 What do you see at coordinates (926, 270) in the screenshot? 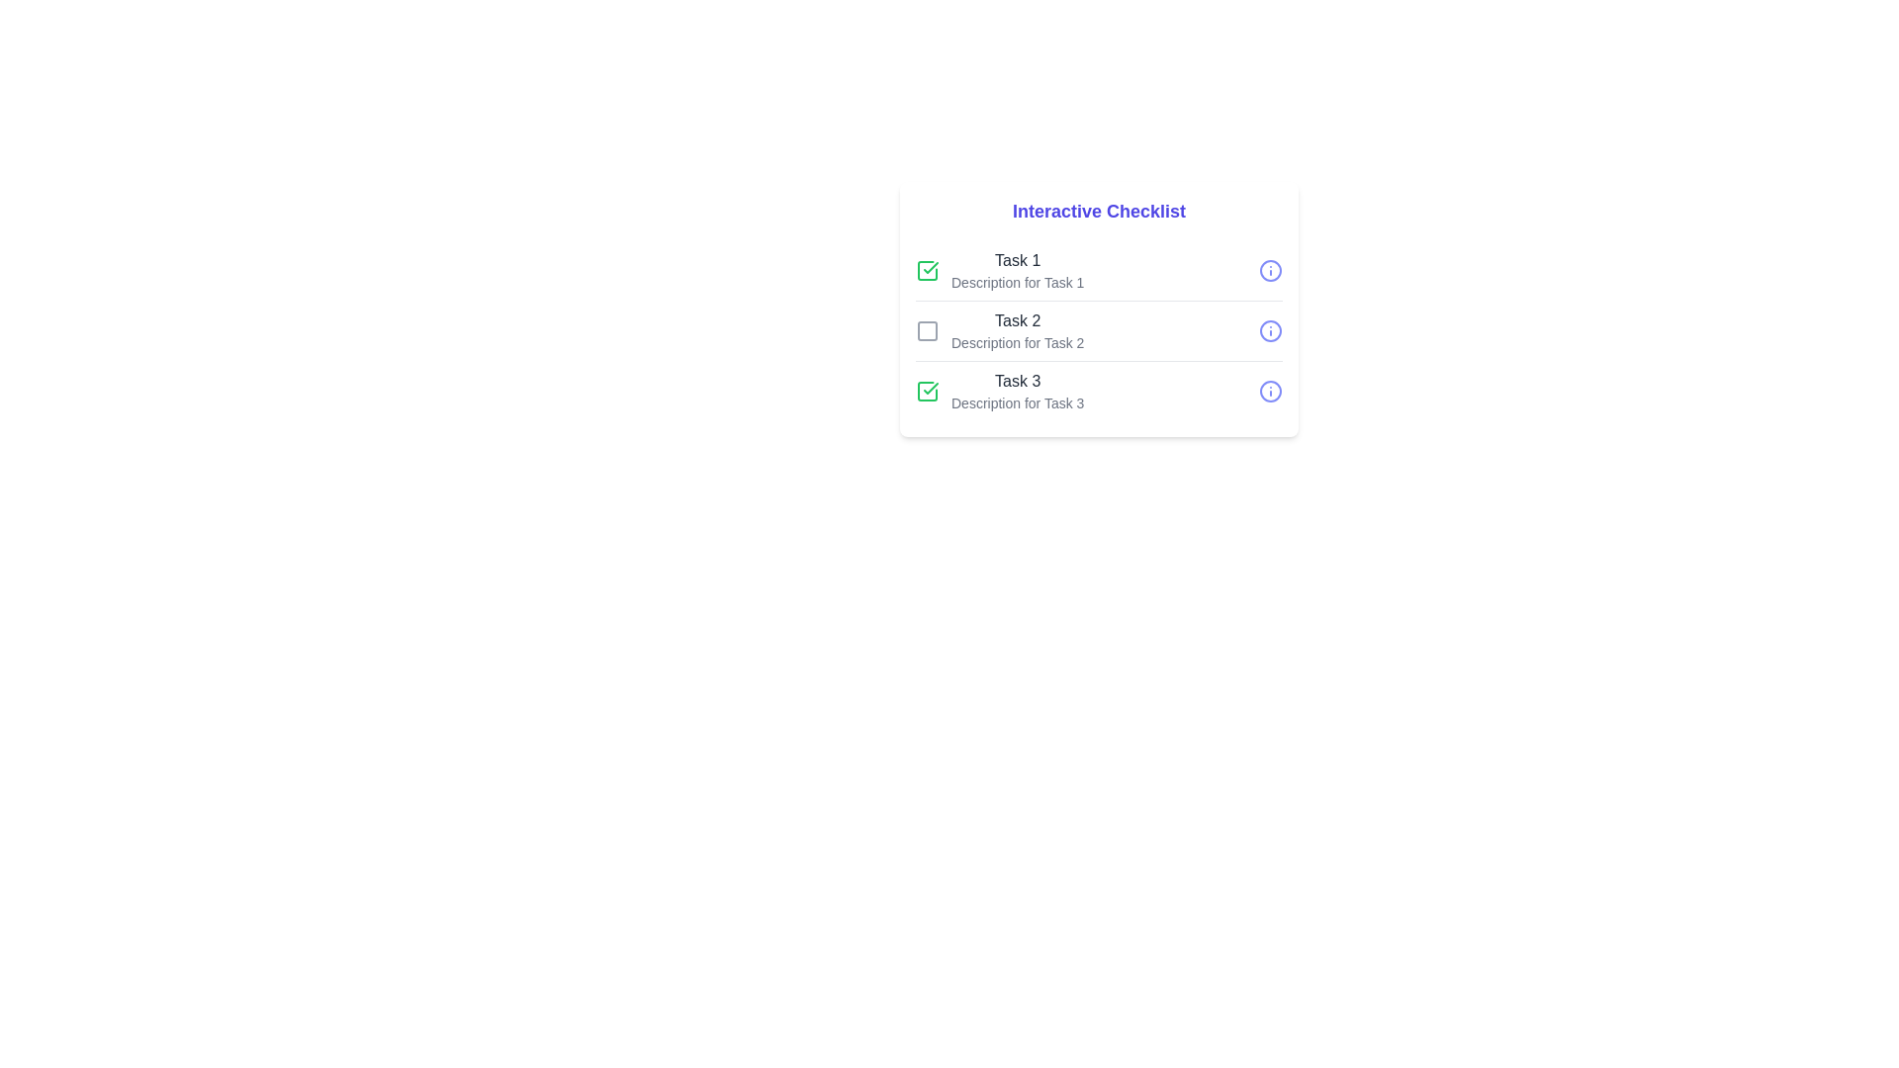
I see `the checkbox button for Task 1 to toggle its state` at bounding box center [926, 270].